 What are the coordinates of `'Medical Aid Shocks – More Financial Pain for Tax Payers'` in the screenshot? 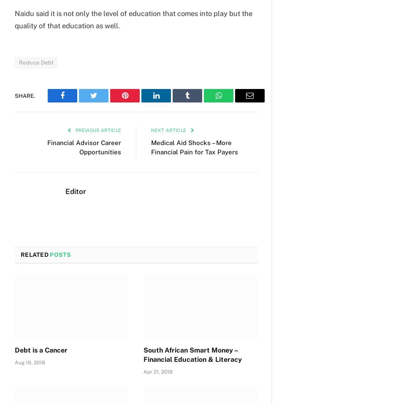 It's located at (150, 146).